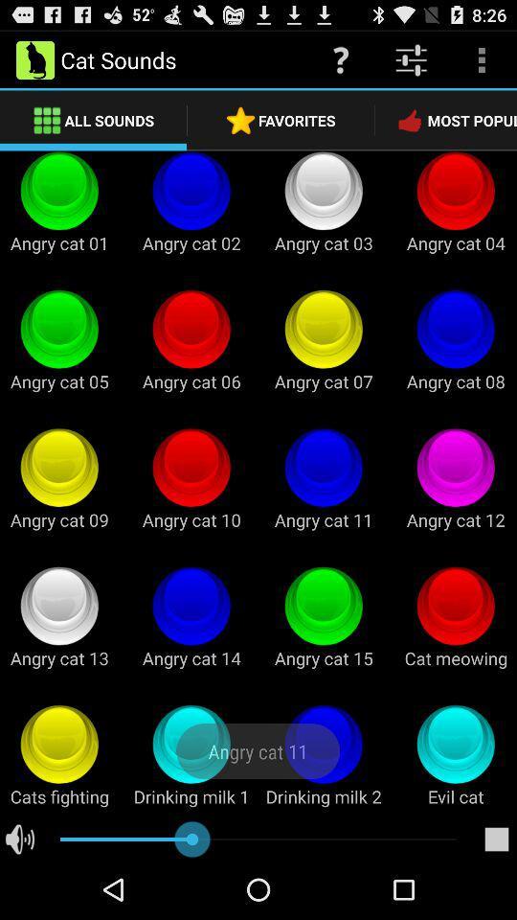 The width and height of the screenshot is (517, 920). I want to click on item above the most popular, so click(481, 59).